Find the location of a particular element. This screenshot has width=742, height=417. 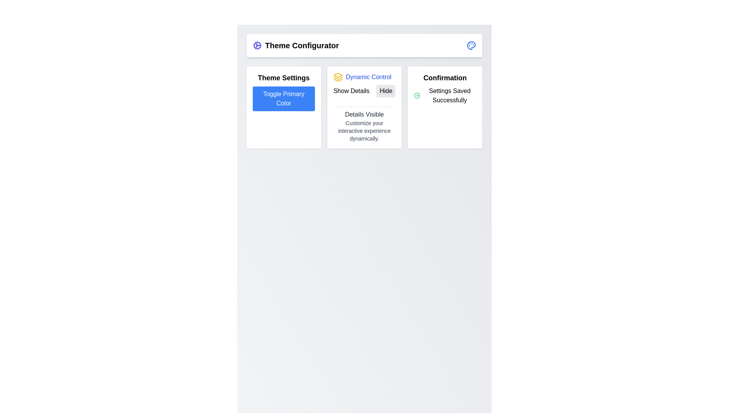

text notification 'Settings Saved Successfully' located in the rightmost card of the 'Confirmation' layout, beside a green circular checkmark icon is located at coordinates (449, 95).